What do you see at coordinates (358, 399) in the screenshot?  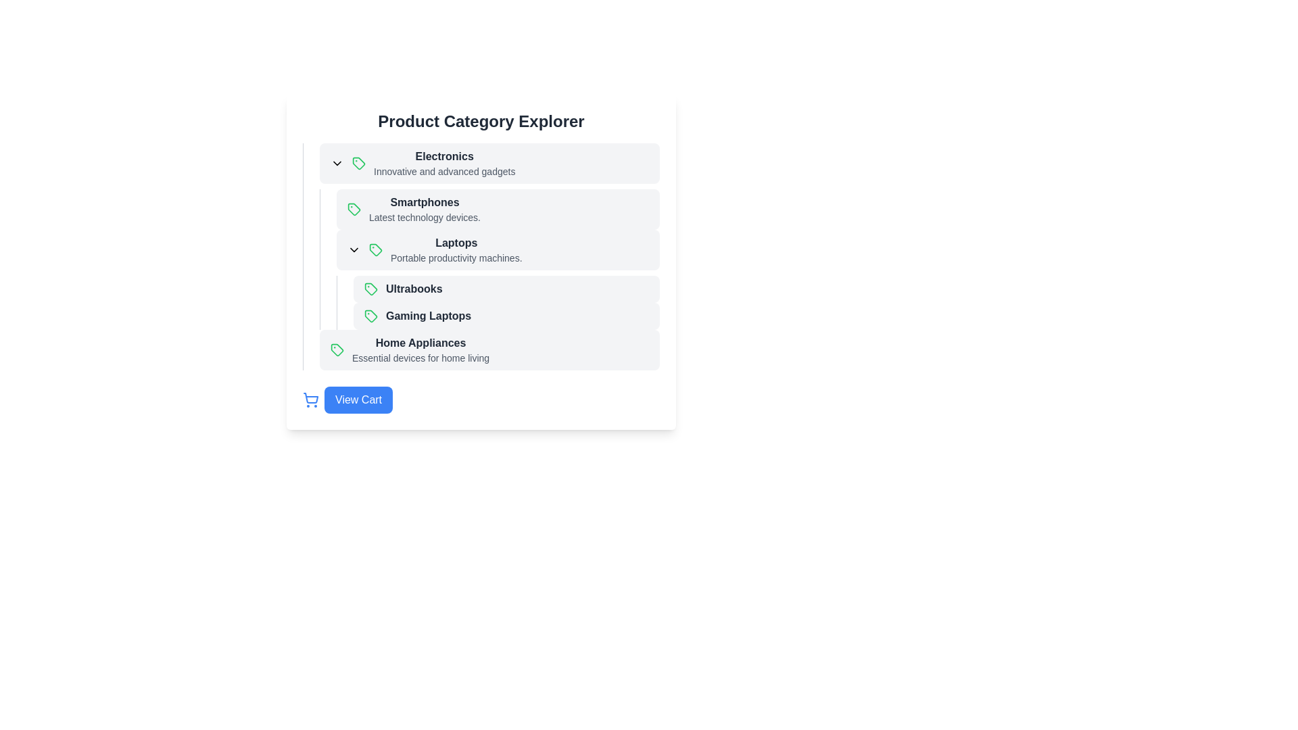 I see `the button located to the right of the shopping cart icon` at bounding box center [358, 399].